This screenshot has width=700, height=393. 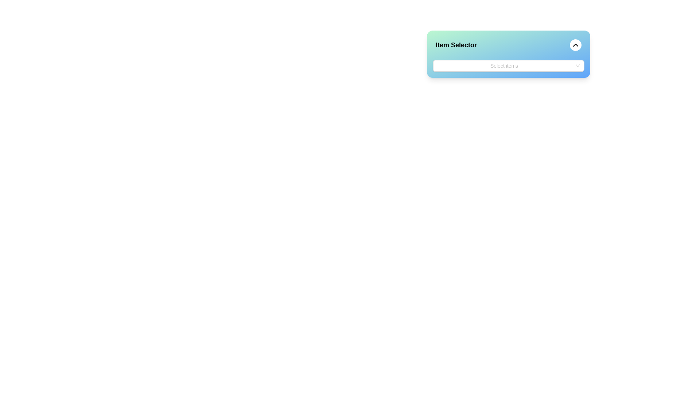 I want to click on the dropdown menu labeled 'Select items', so click(x=508, y=66).